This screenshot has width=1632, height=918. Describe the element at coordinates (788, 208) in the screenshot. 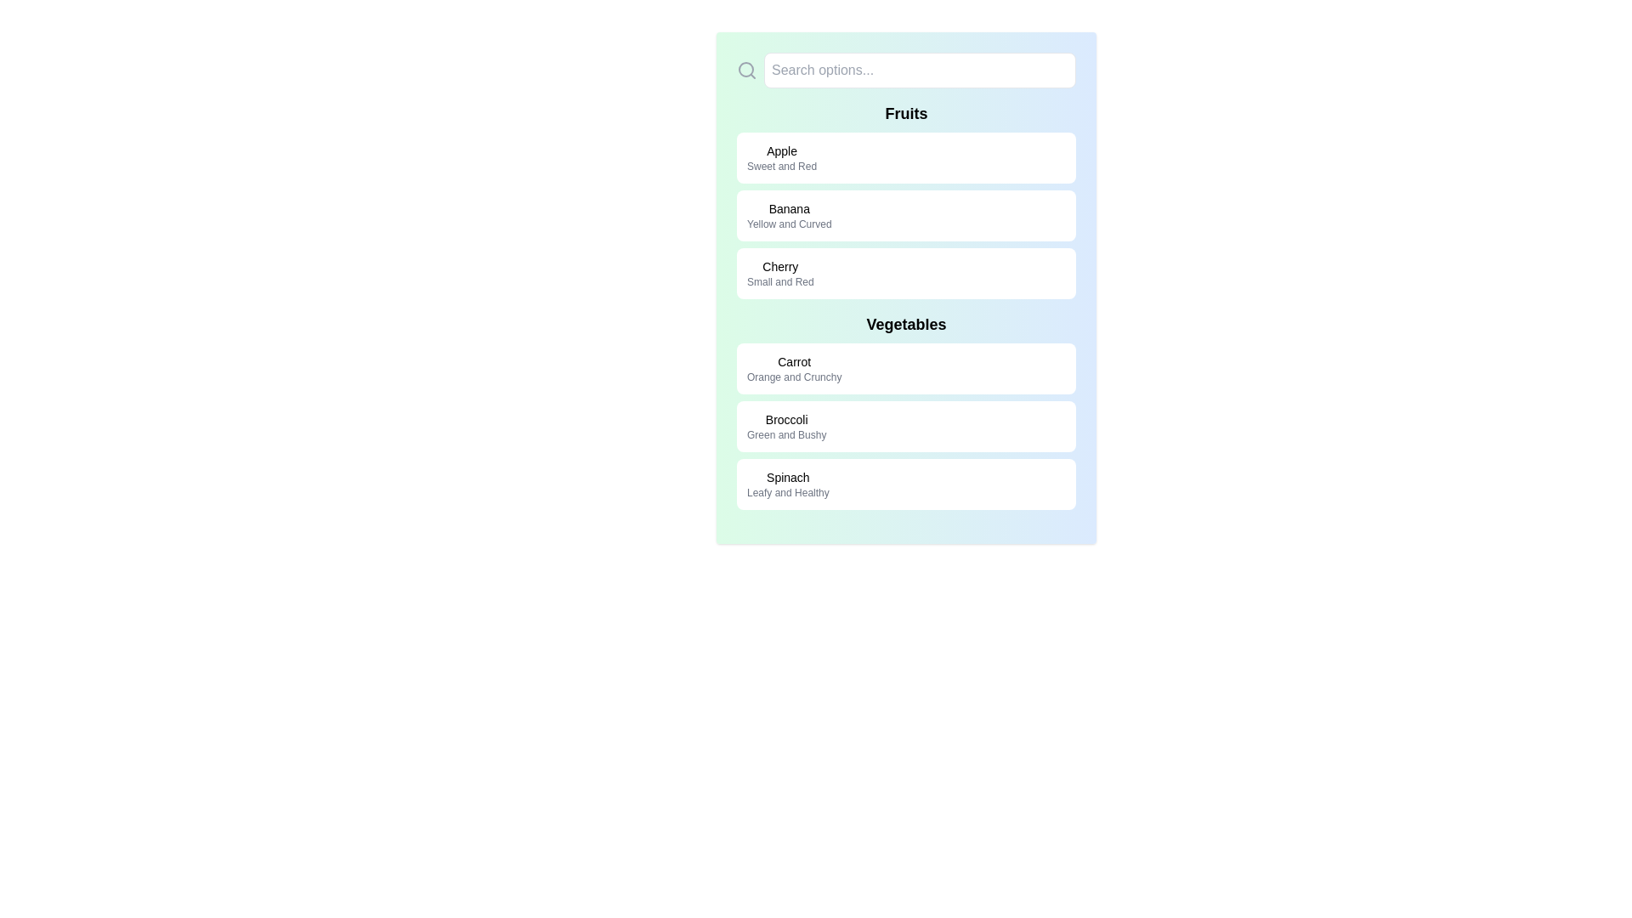

I see `text label displaying 'Banana' which is positioned in the Fruits section, above the secondary text 'Yellow and Curved'` at that location.